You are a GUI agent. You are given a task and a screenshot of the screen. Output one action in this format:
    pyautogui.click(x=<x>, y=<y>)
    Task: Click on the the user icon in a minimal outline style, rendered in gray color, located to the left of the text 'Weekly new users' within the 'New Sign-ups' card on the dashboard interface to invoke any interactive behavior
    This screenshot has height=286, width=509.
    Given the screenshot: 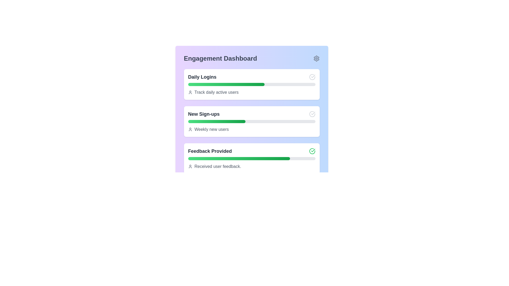 What is the action you would take?
    pyautogui.click(x=190, y=129)
    